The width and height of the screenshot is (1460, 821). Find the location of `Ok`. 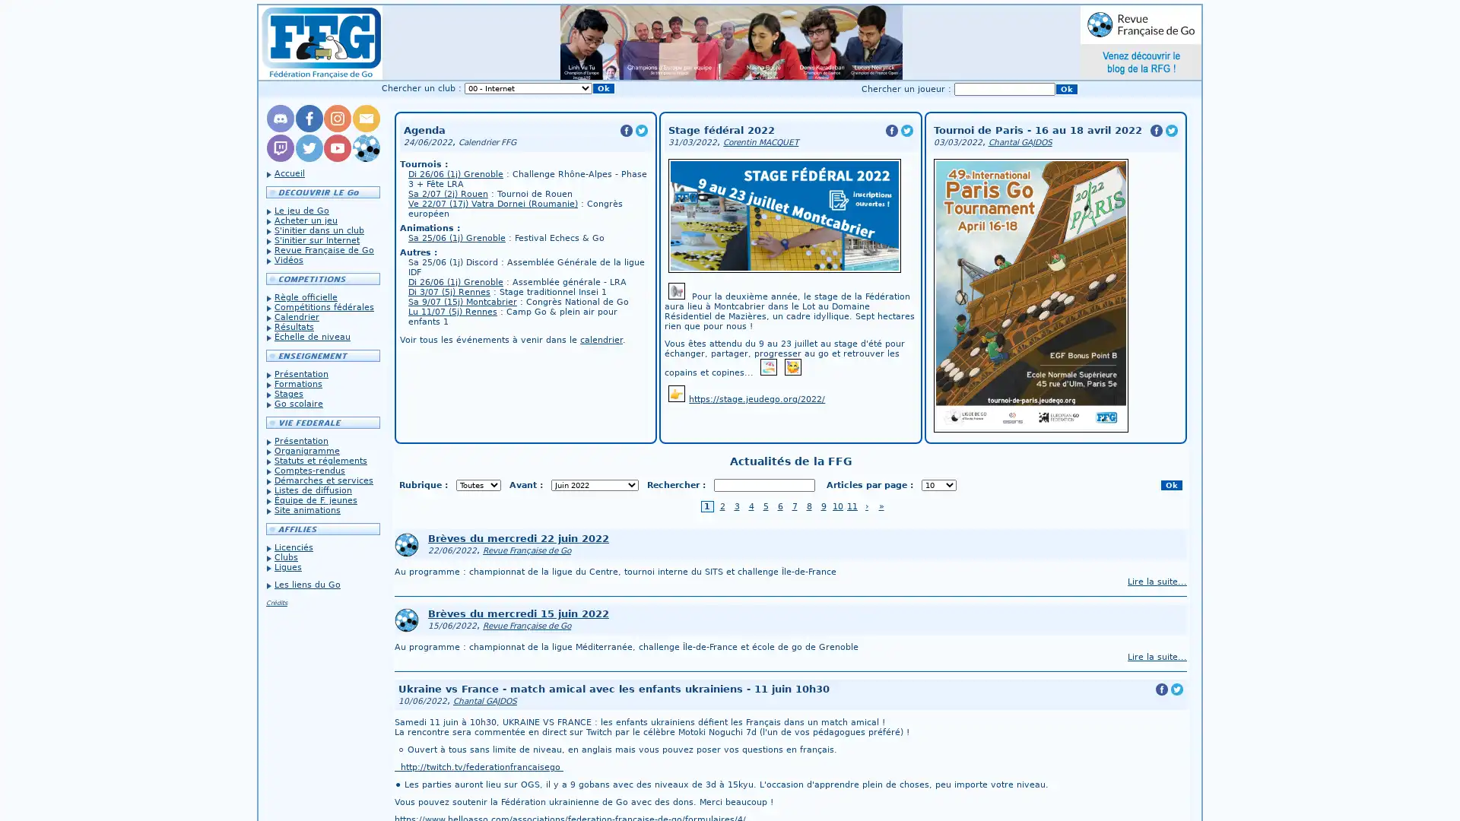

Ok is located at coordinates (1170, 485).